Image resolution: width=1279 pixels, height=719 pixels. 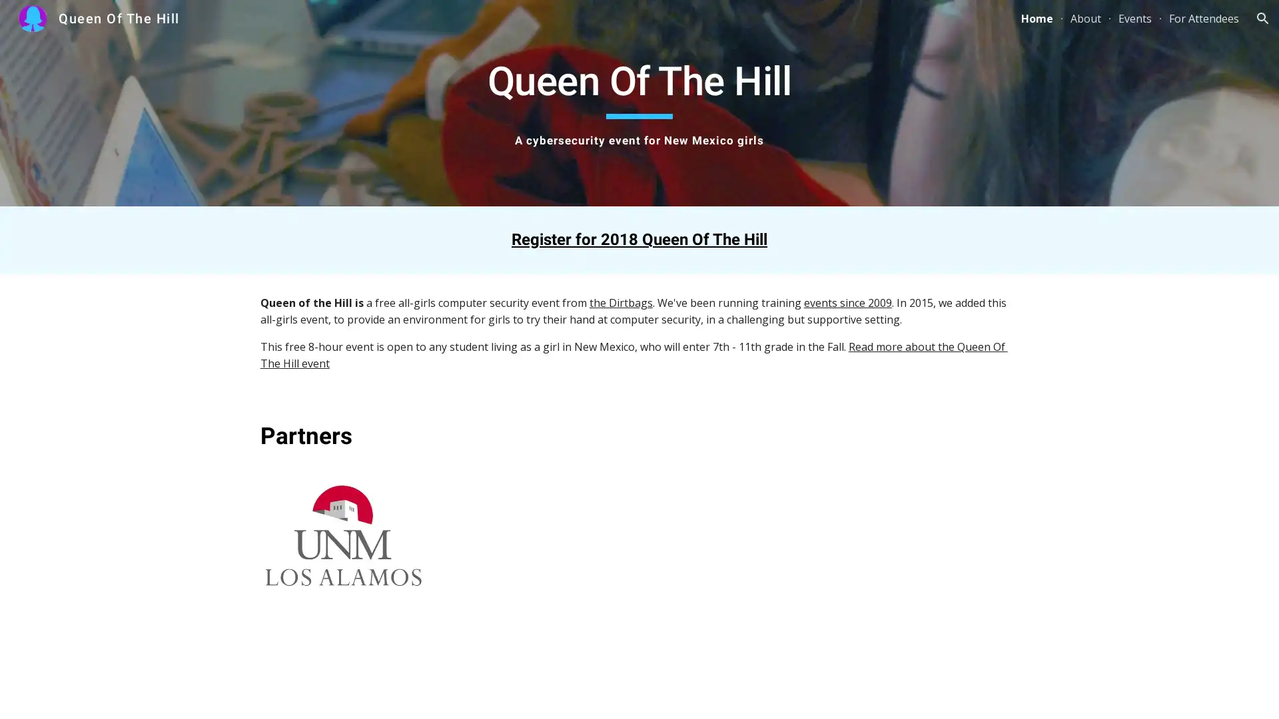 I want to click on Report abuse, so click(x=122, y=695).